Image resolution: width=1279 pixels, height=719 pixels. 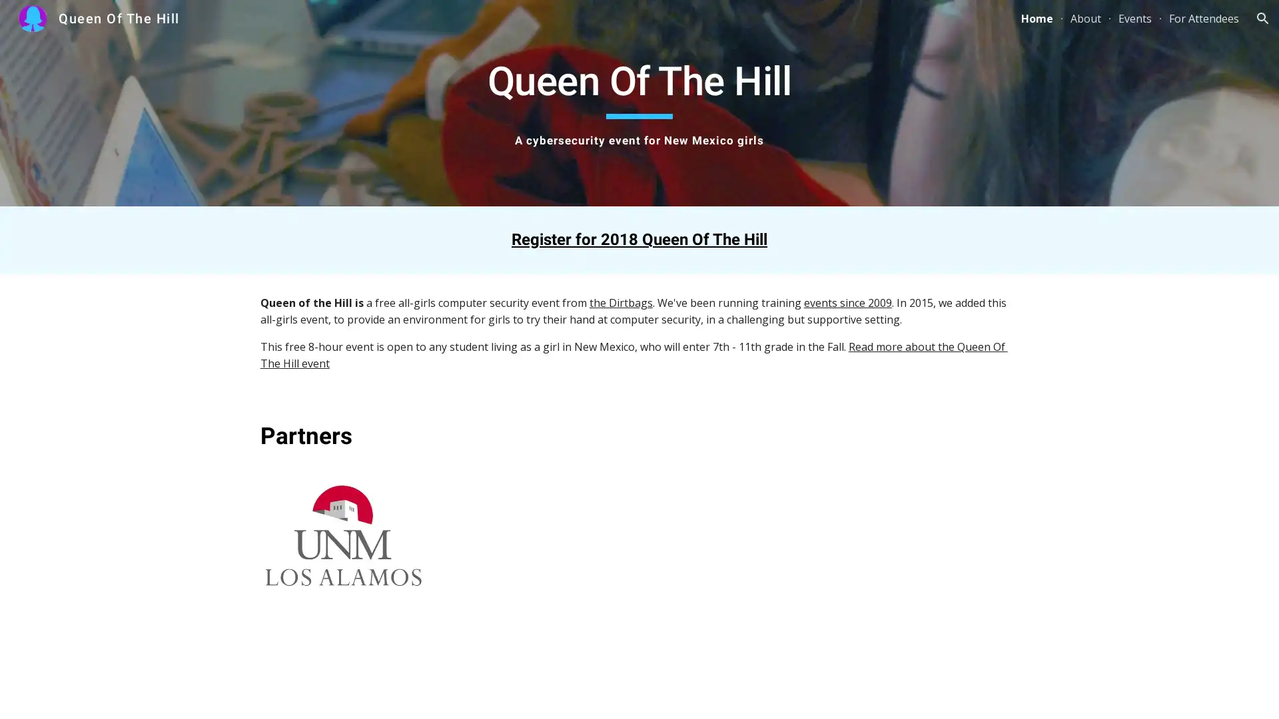 I want to click on Report abuse, so click(x=122, y=695).